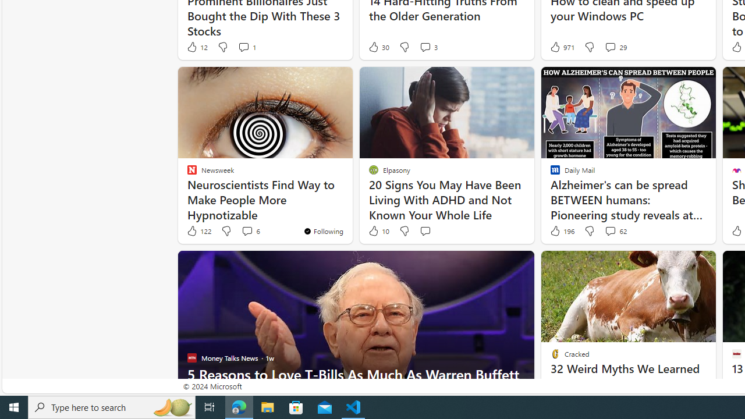 The image size is (745, 419). I want to click on '196 Like', so click(561, 231).